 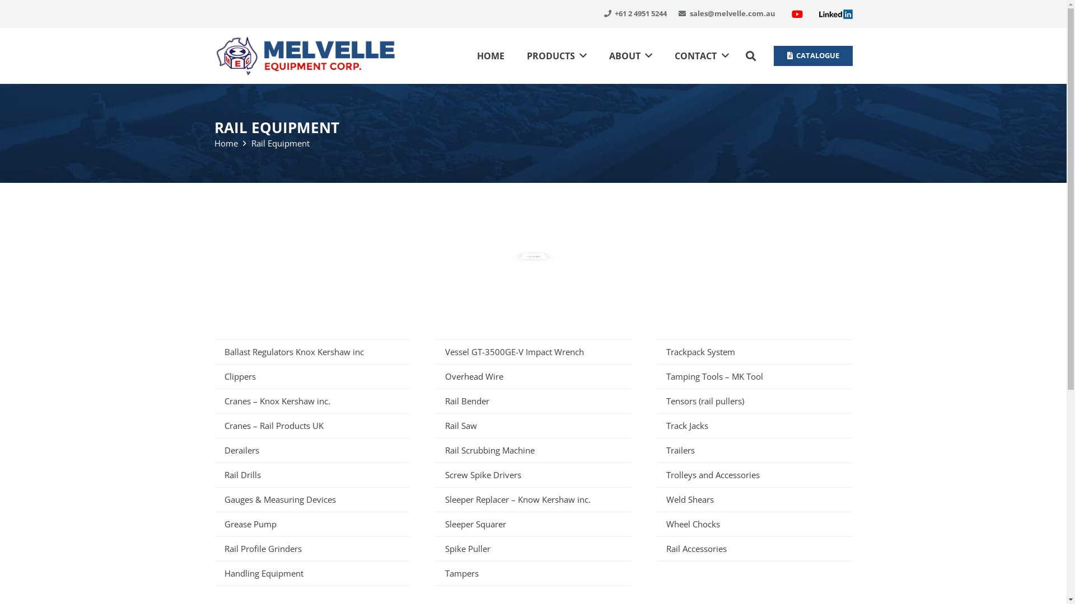 What do you see at coordinates (311, 376) in the screenshot?
I see `'Clippers'` at bounding box center [311, 376].